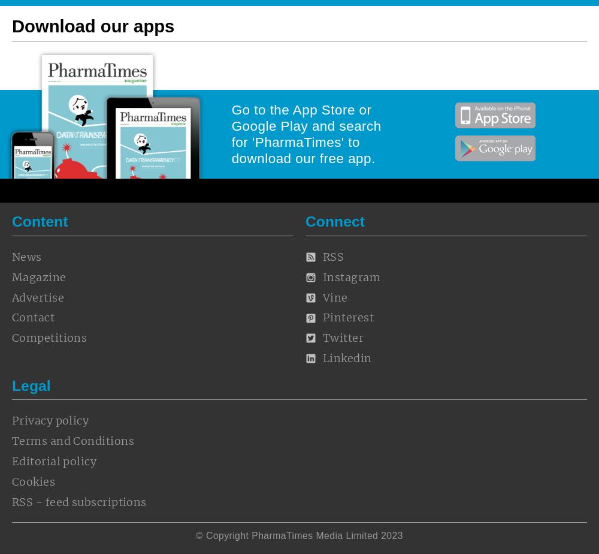 The height and width of the screenshot is (554, 599). What do you see at coordinates (93, 25) in the screenshot?
I see `'Download our apps'` at bounding box center [93, 25].